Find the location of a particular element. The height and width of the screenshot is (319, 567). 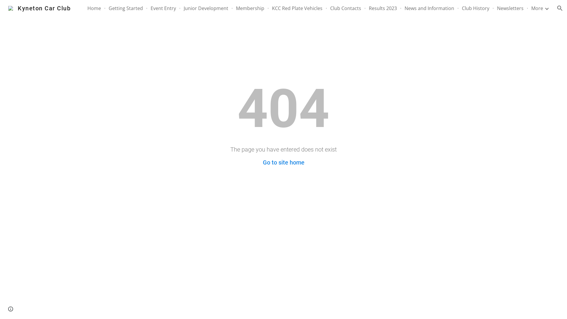

'Kyneton Car Club' is located at coordinates (39, 8).